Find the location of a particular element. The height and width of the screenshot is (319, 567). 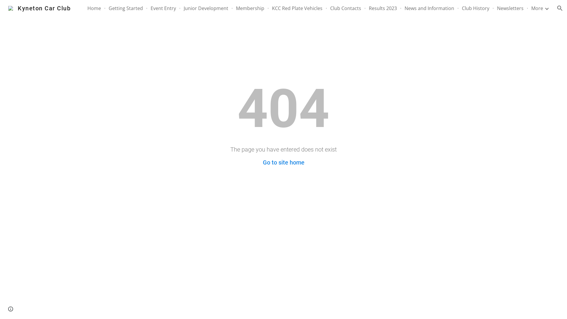

'Kyneton Car Club' is located at coordinates (39, 8).